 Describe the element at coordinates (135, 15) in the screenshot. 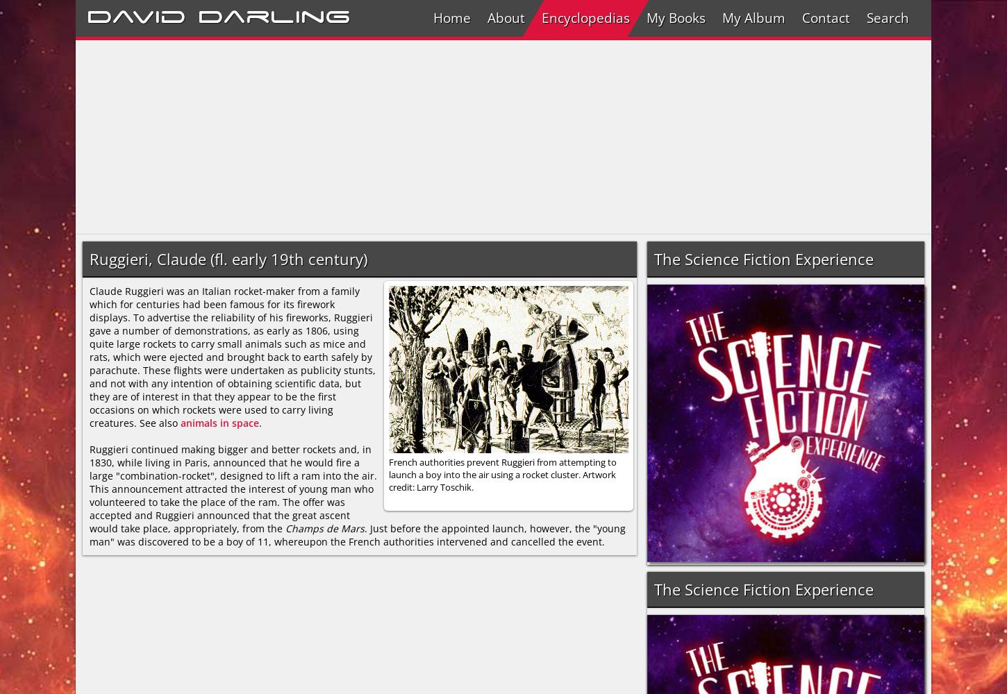

I see `'David'` at that location.